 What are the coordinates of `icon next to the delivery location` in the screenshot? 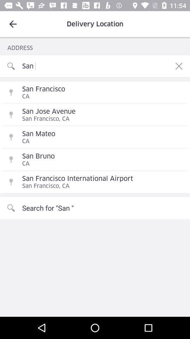 It's located at (13, 24).